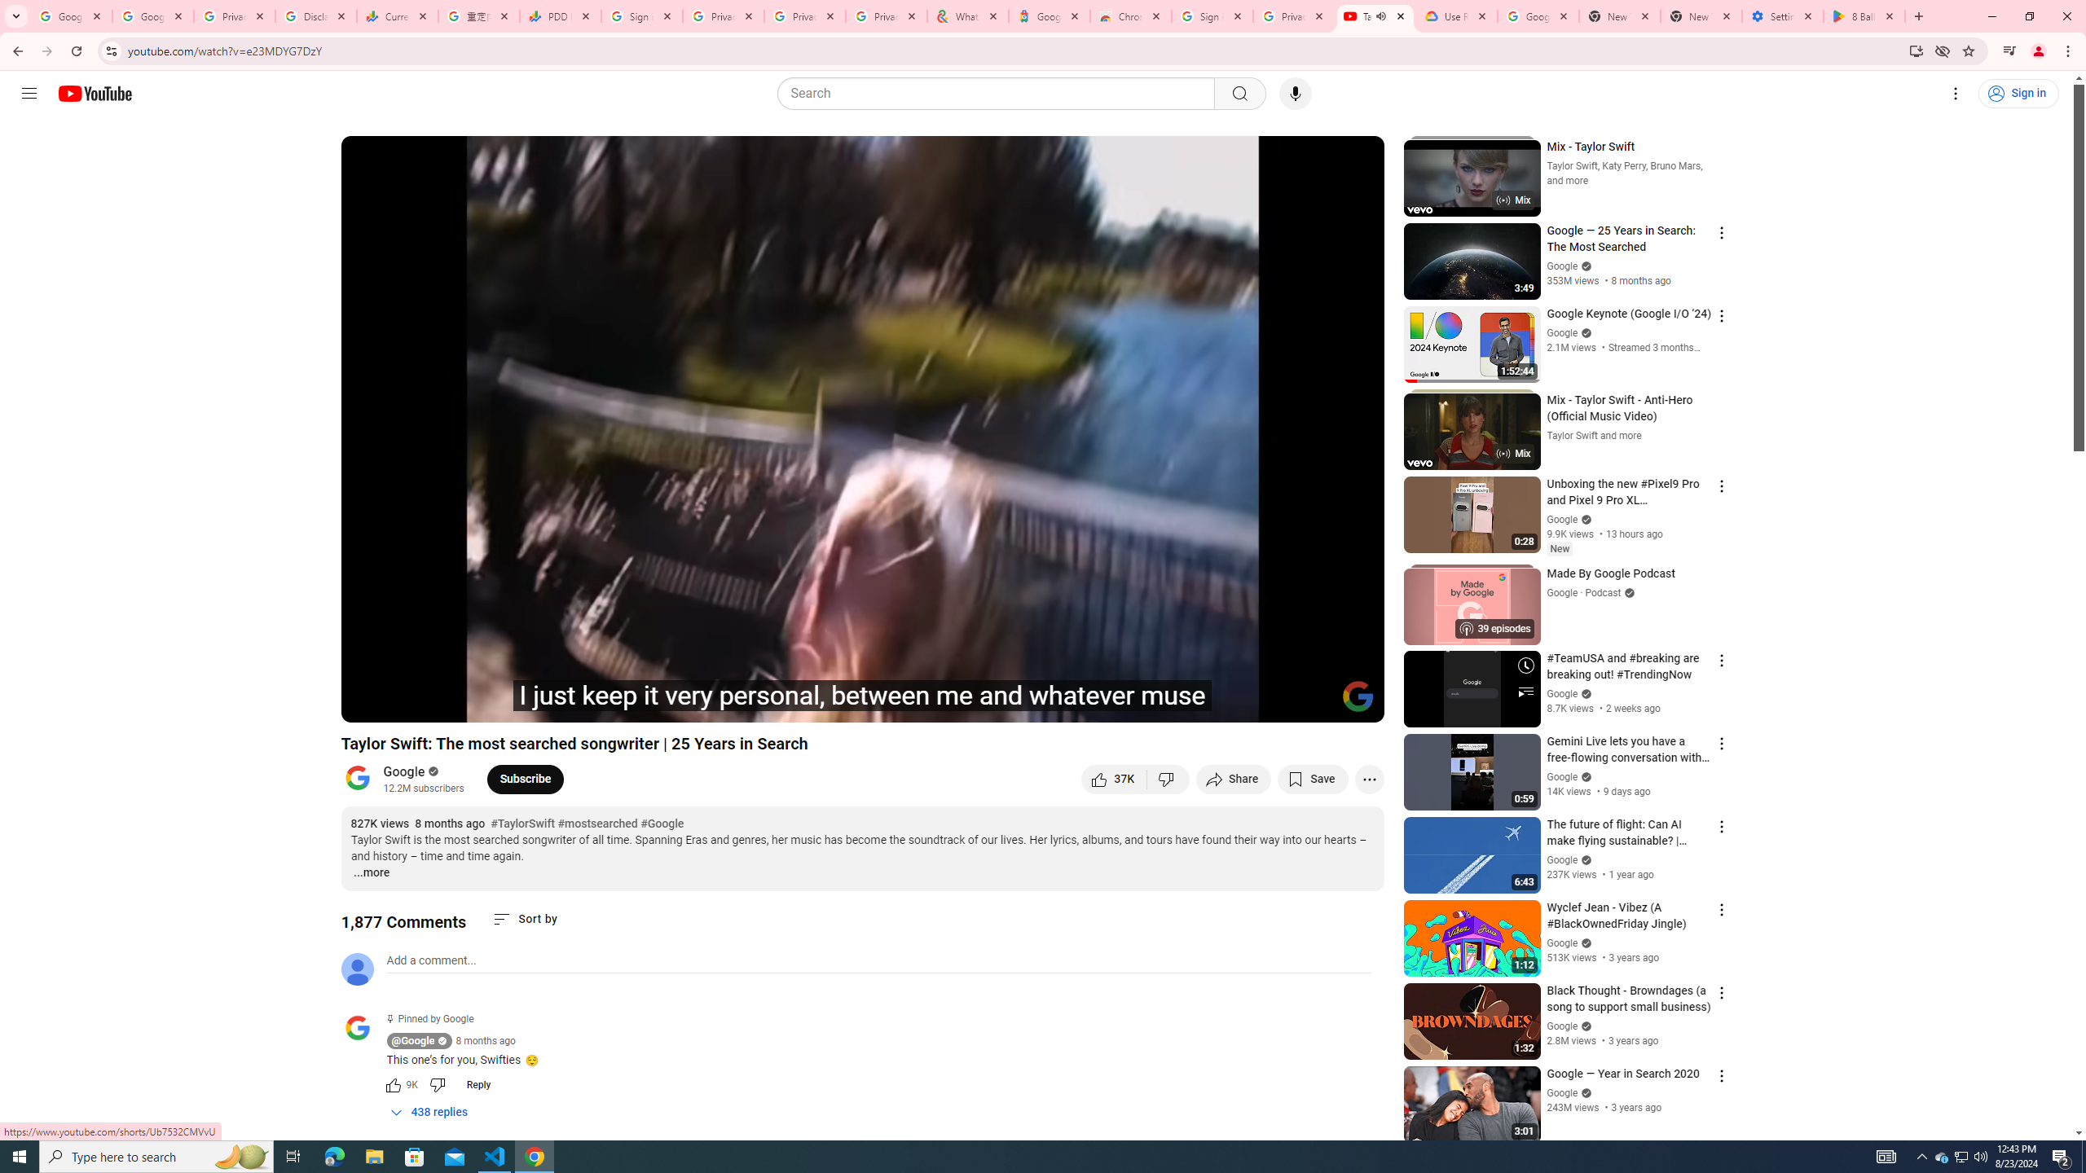 This screenshot has width=2086, height=1173. Describe the element at coordinates (485, 1041) in the screenshot. I see `'8 months ago'` at that location.